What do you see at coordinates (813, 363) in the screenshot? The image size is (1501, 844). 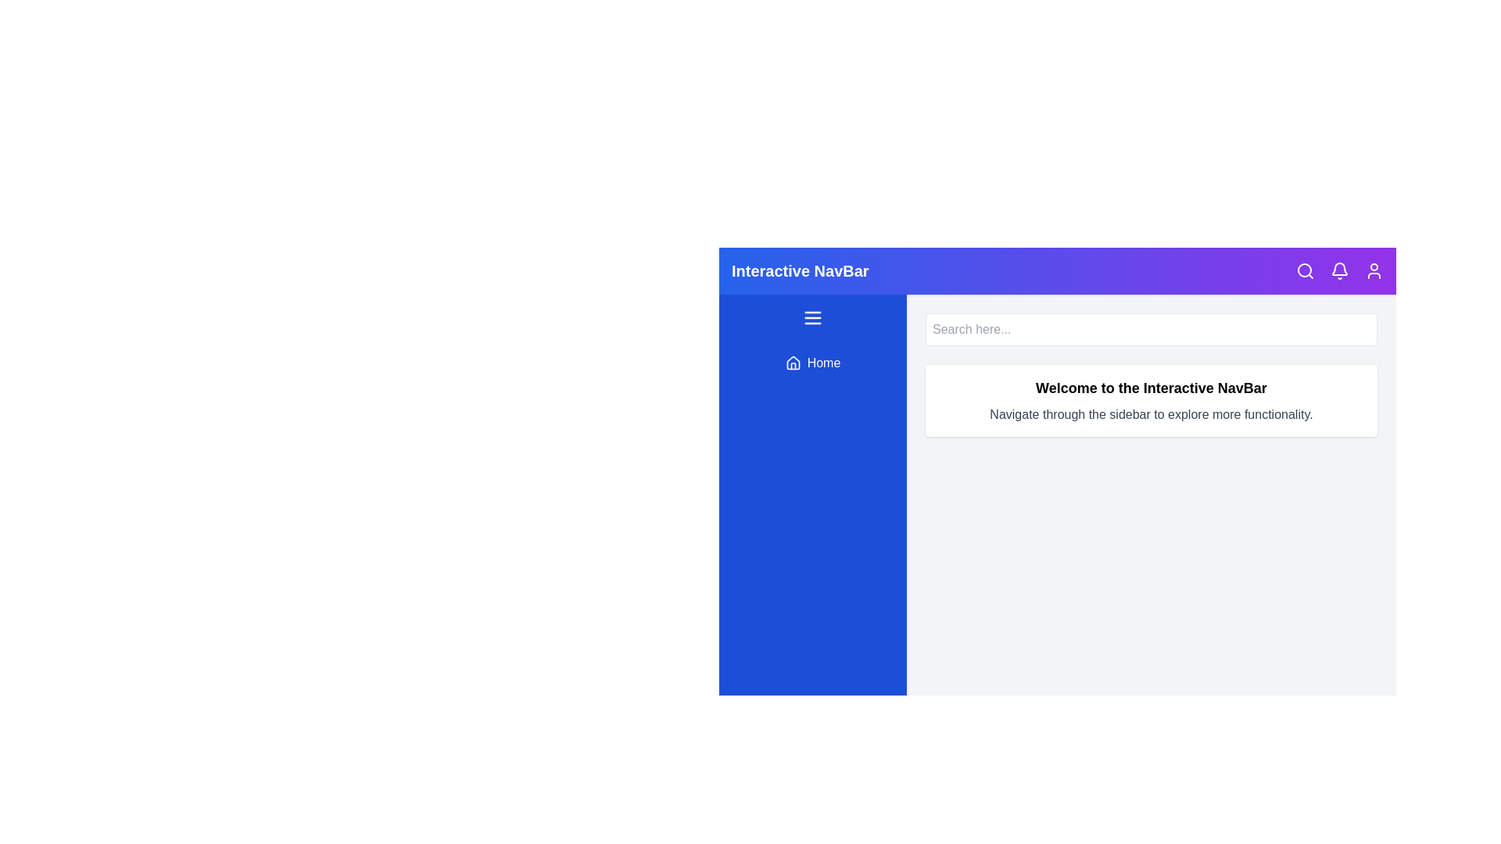 I see `the Home item in the sidebar to navigate to the Home section` at bounding box center [813, 363].